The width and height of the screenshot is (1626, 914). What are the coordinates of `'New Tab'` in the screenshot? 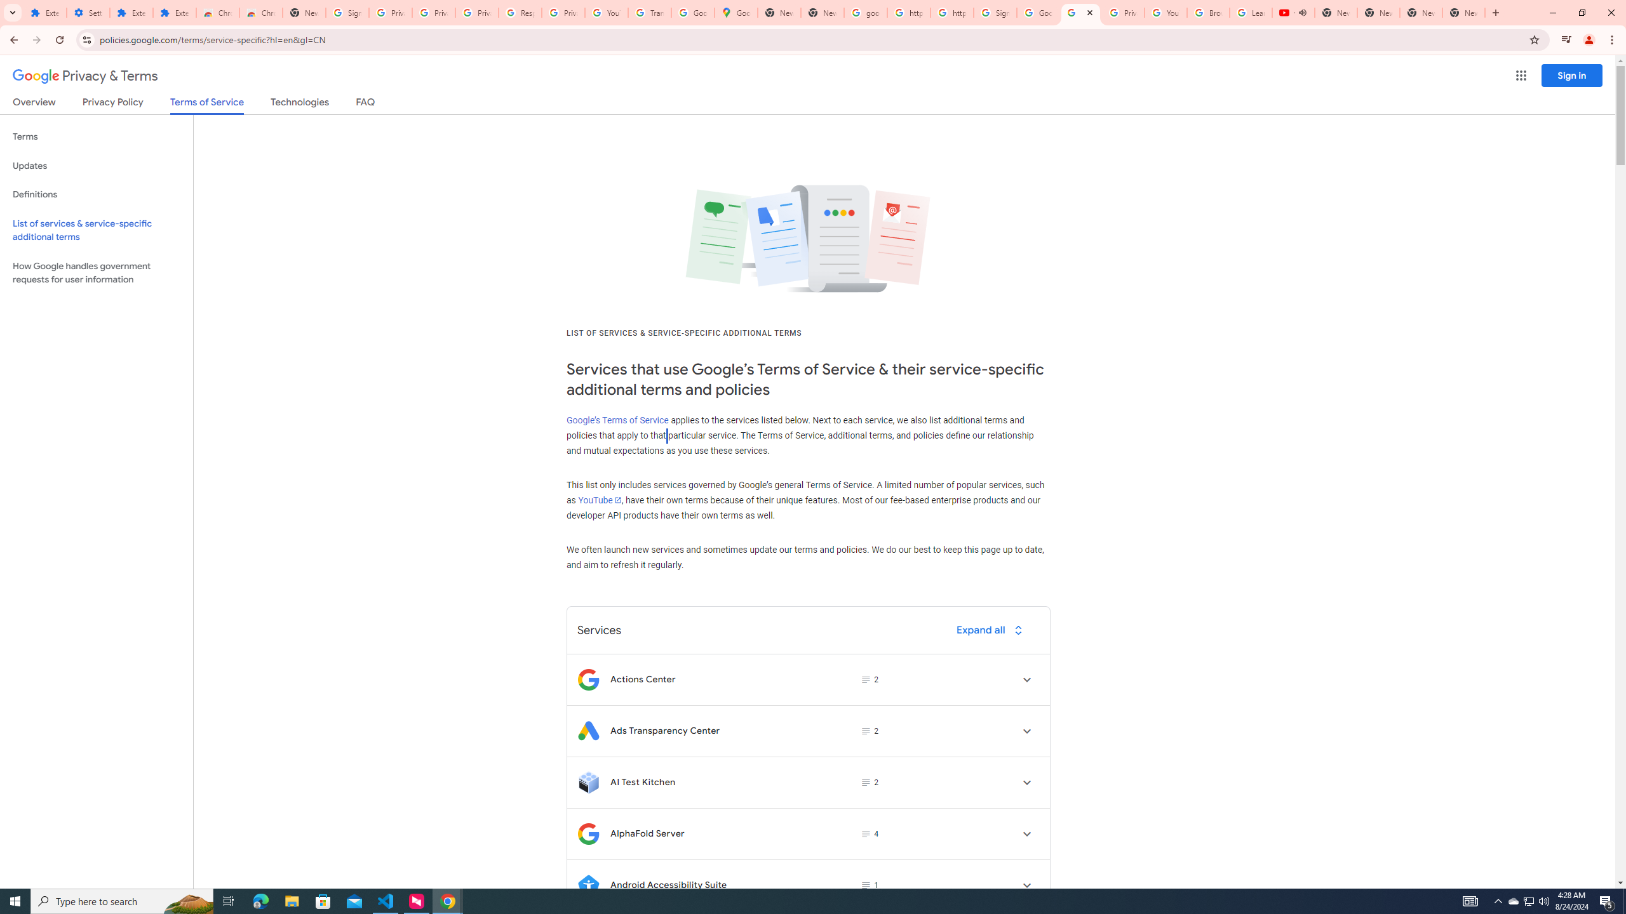 It's located at (1463, 12).